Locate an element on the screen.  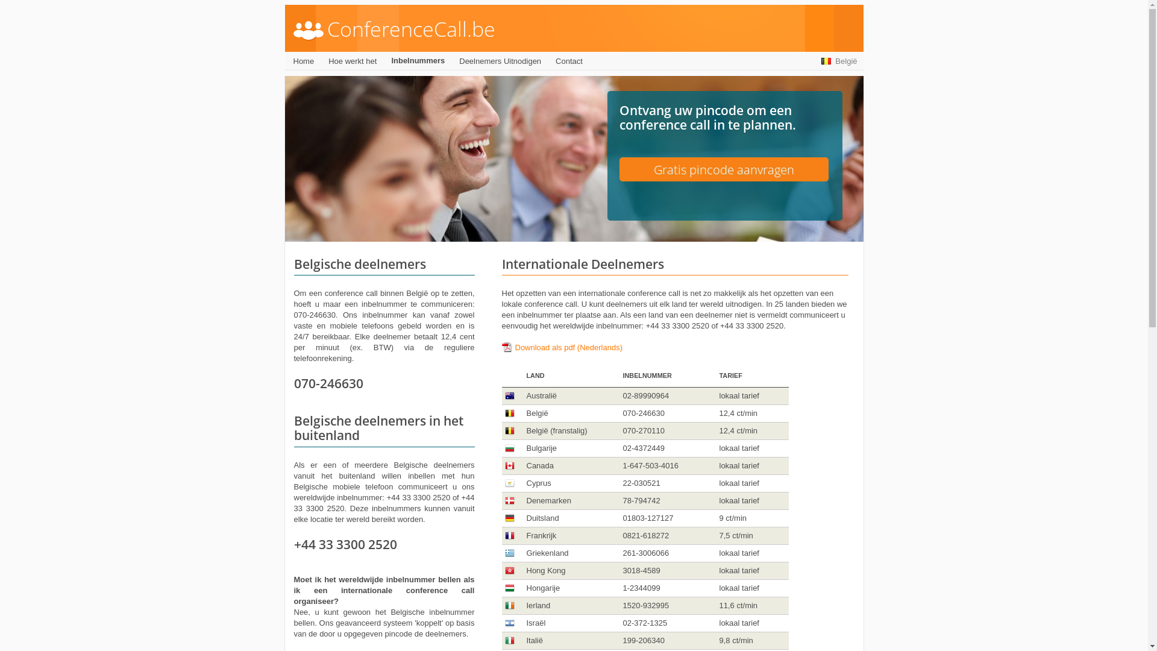
'Download als pdf (Nederlands)' is located at coordinates (560, 347).